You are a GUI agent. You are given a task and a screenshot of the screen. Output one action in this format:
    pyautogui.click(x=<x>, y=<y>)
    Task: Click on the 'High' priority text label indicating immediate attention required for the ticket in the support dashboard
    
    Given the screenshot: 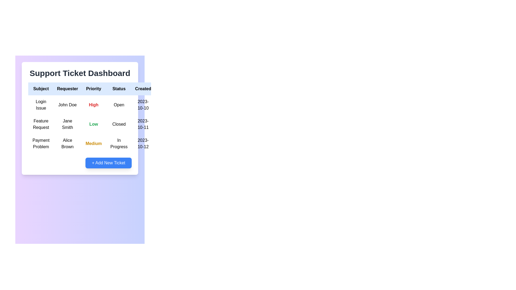 What is the action you would take?
    pyautogui.click(x=94, y=105)
    